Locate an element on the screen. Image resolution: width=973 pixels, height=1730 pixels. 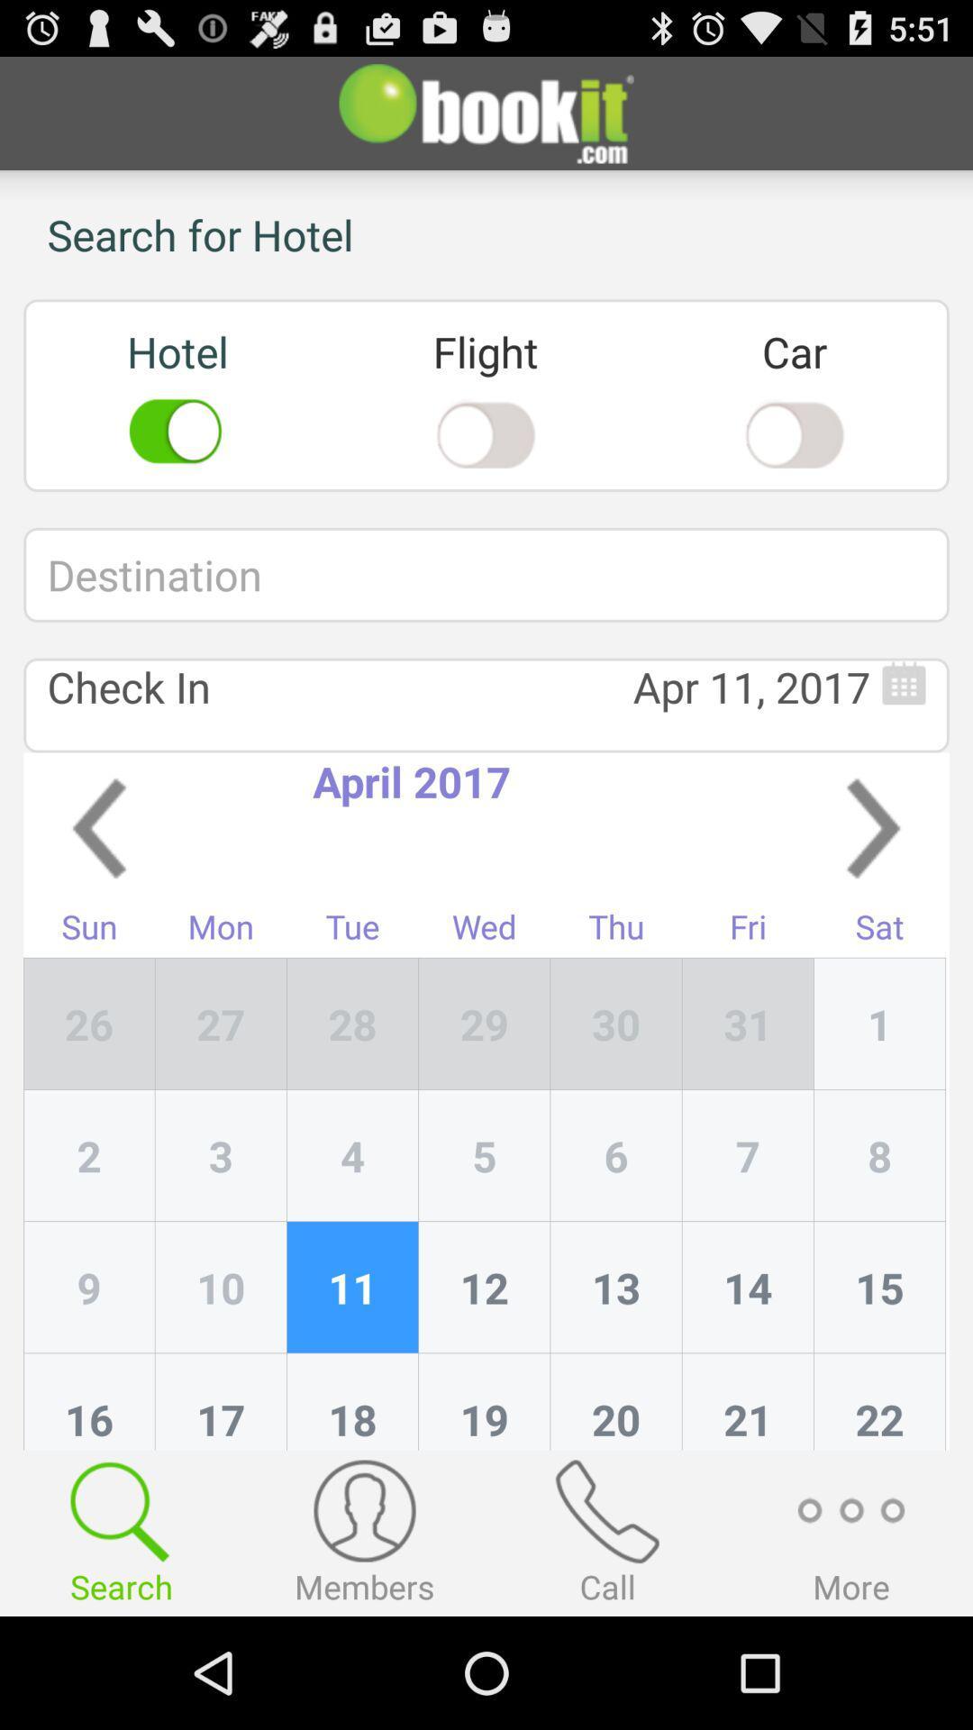
the icon to the left of the 12 is located at coordinates (352, 1400).